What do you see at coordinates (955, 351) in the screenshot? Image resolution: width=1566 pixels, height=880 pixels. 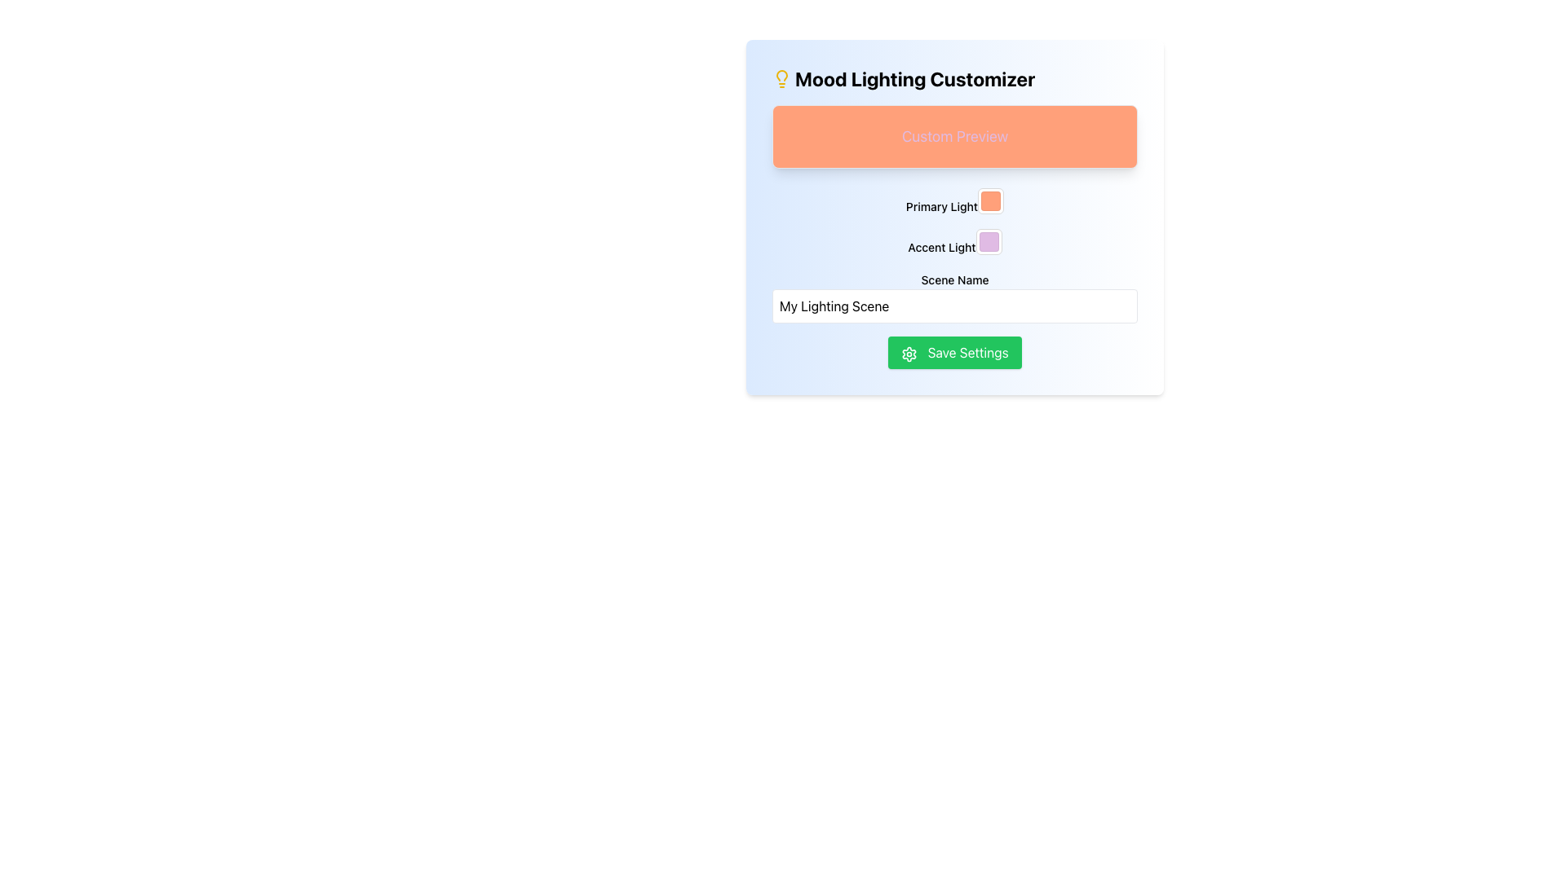 I see `save button located at the bottom center of the card, which is styled with a gradient background and follows the 'Scene Name' text input field, for accessibility features` at bounding box center [955, 351].